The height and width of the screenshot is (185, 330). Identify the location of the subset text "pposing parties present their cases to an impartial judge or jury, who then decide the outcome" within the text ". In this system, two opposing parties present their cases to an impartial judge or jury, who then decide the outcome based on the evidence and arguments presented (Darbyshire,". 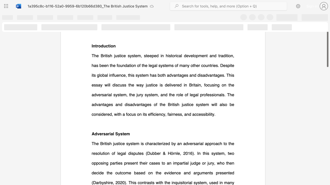
(94, 163).